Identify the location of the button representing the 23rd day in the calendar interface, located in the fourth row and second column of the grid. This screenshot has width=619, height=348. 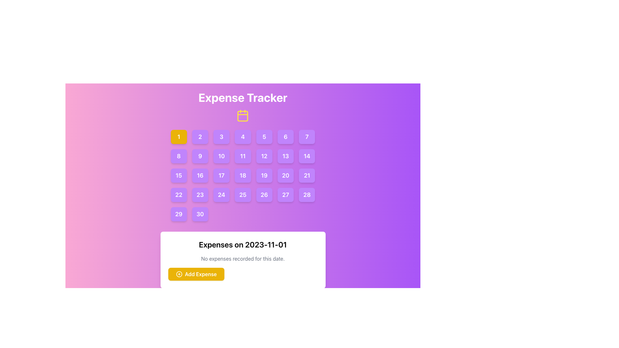
(200, 195).